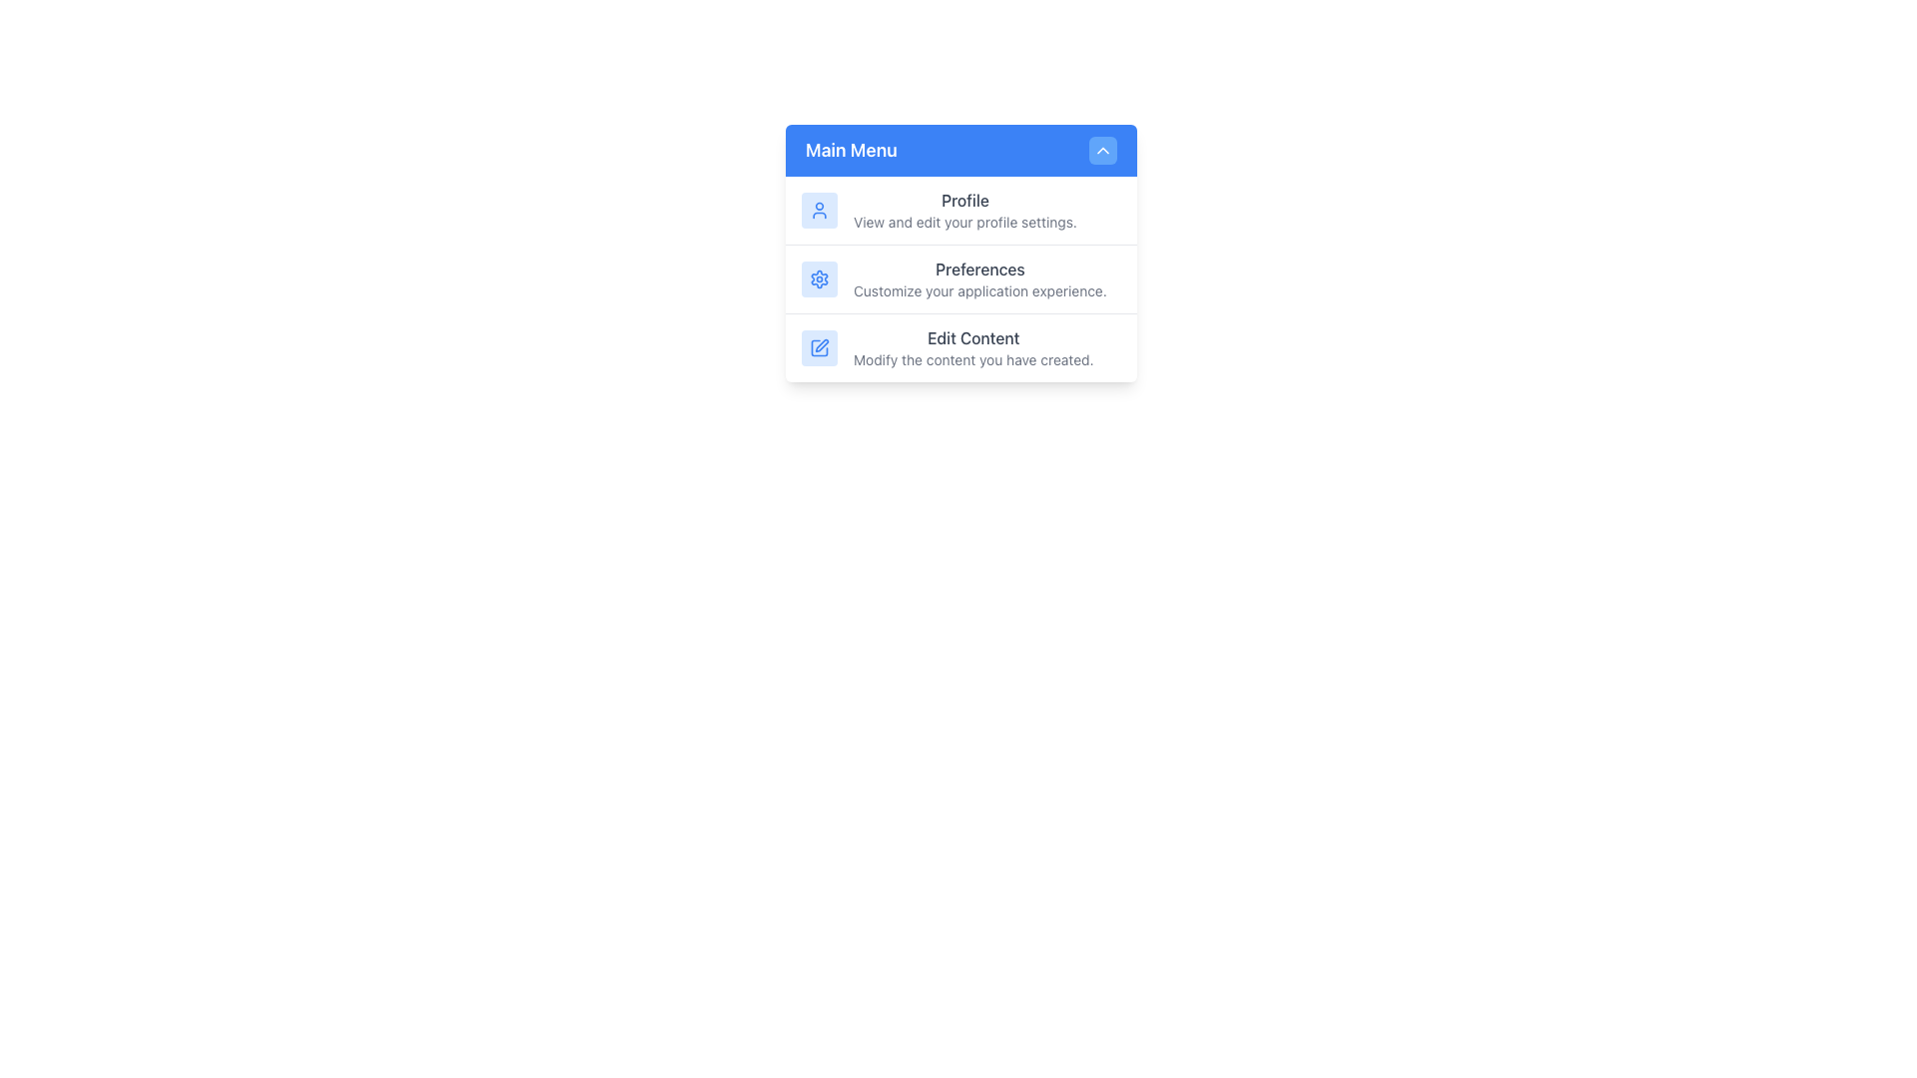 The width and height of the screenshot is (1917, 1078). Describe the element at coordinates (819, 346) in the screenshot. I see `the 'Edit Content' icon` at that location.